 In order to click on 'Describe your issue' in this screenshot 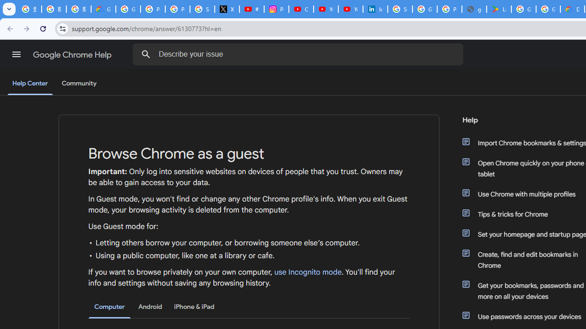, I will do `click(299, 54)`.